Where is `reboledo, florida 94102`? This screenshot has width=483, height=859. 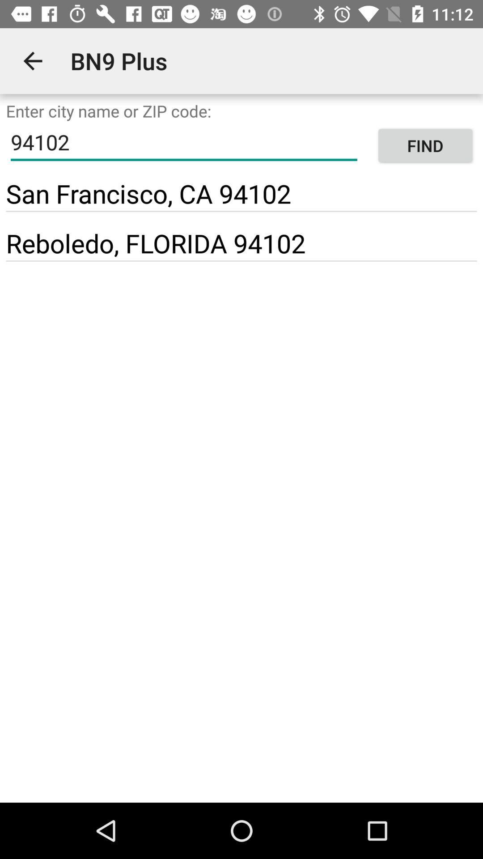
reboledo, florida 94102 is located at coordinates (155, 243).